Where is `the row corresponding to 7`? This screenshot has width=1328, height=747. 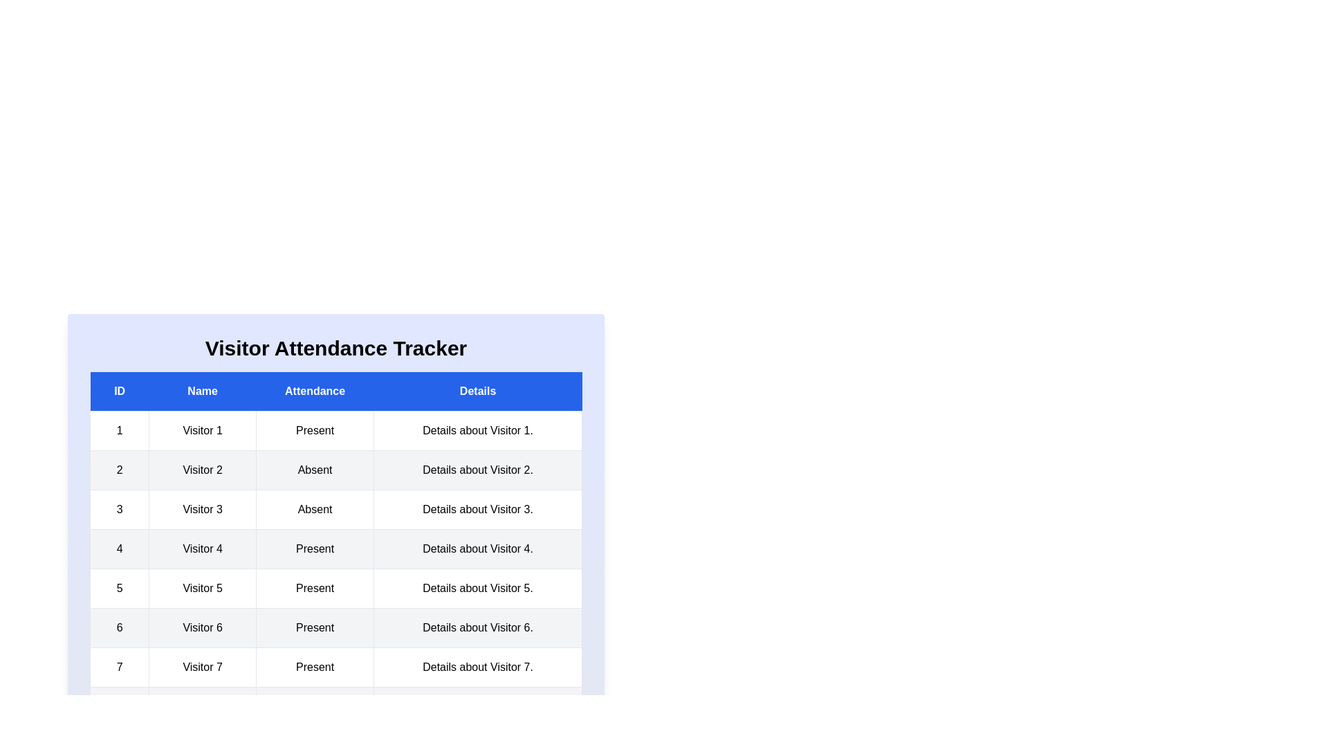 the row corresponding to 7 is located at coordinates (335, 666).